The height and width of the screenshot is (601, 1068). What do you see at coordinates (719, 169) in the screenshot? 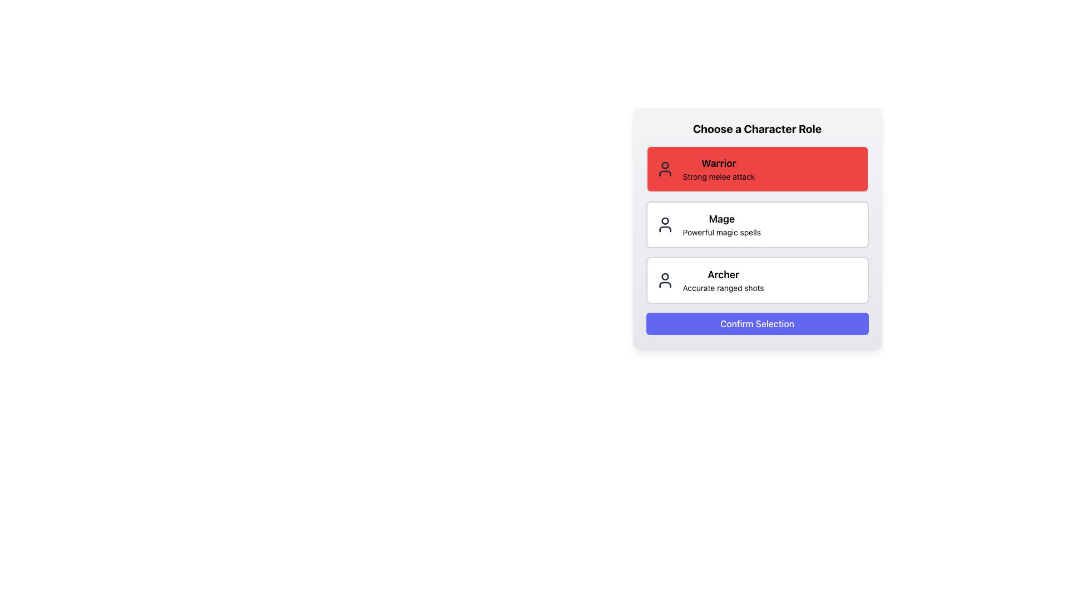
I see `the first selectable option item in the role-selection interface, which is represented by a text and background combination within a red box` at bounding box center [719, 169].